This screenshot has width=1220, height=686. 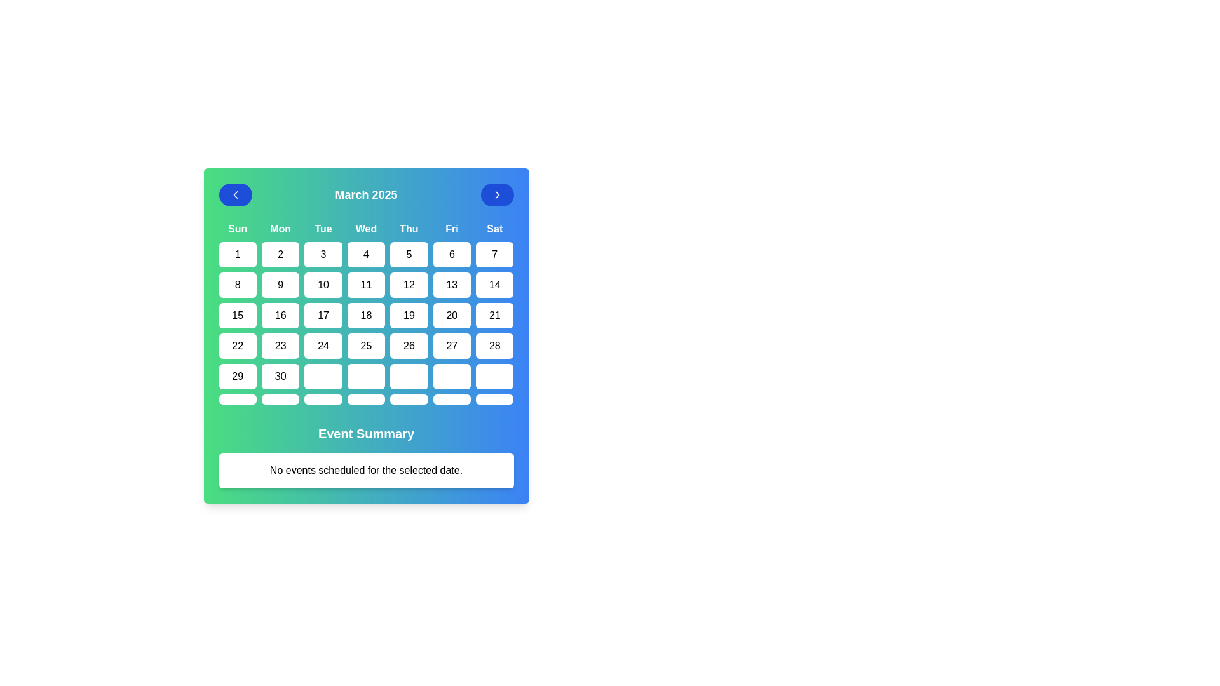 I want to click on the '7' date button, so click(x=494, y=255).